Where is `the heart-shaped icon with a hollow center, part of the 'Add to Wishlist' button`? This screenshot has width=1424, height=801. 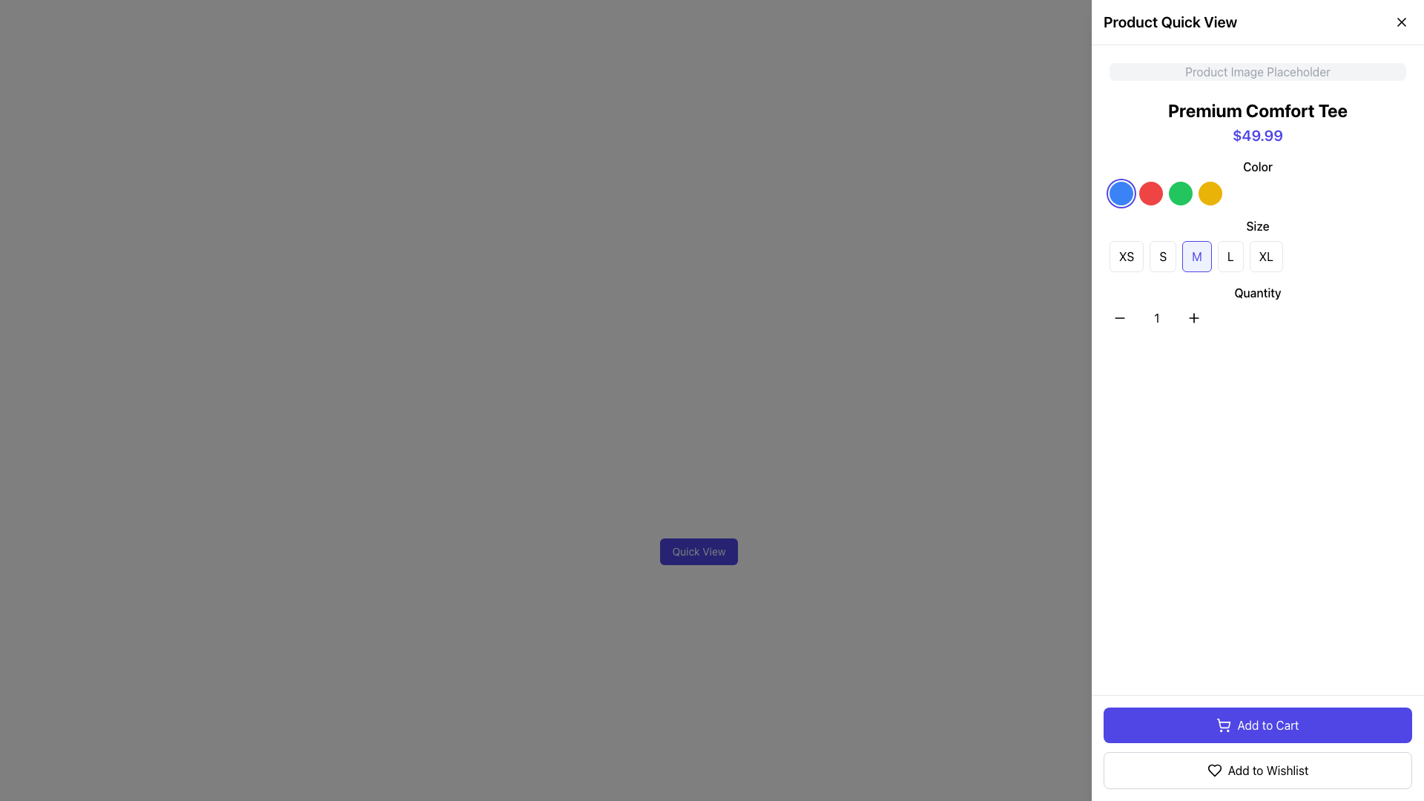 the heart-shaped icon with a hollow center, part of the 'Add to Wishlist' button is located at coordinates (1214, 769).